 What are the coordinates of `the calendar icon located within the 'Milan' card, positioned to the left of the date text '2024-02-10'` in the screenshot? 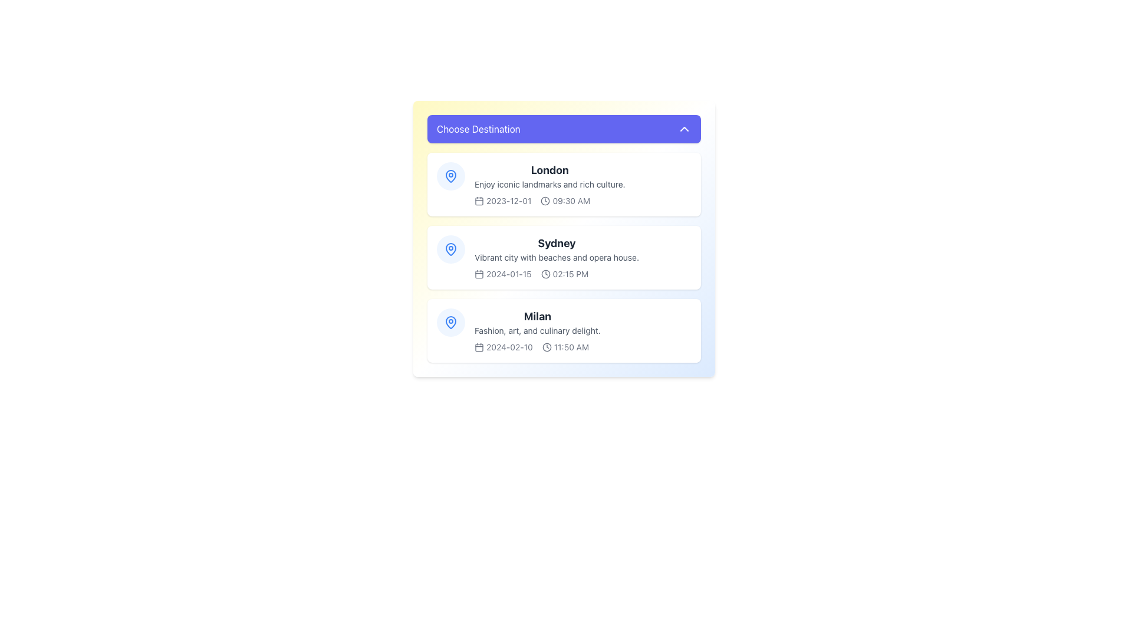 It's located at (479, 347).